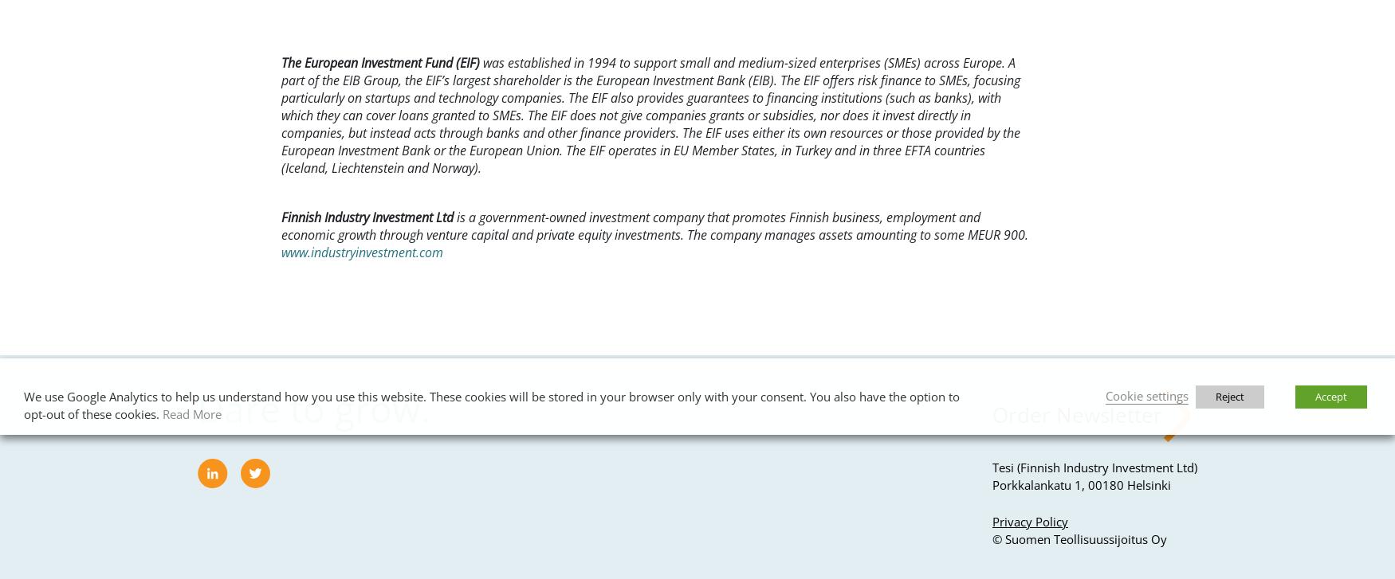  I want to click on 'Tesi (Finnish Industry Investment Ltd)', so click(1094, 466).